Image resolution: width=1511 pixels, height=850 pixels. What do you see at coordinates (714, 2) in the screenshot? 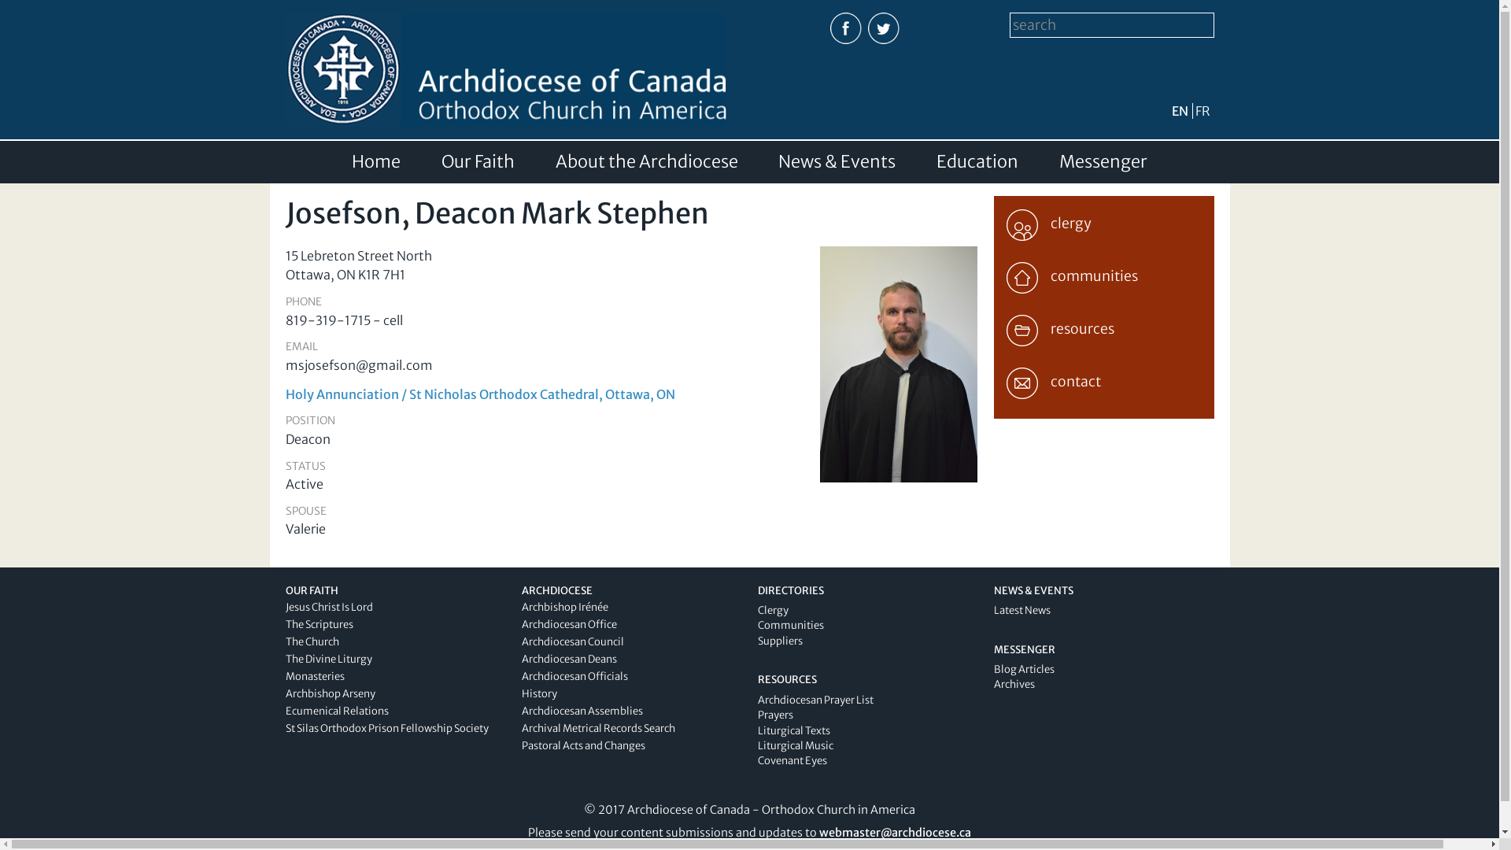
I see `'Skip to main content'` at bounding box center [714, 2].